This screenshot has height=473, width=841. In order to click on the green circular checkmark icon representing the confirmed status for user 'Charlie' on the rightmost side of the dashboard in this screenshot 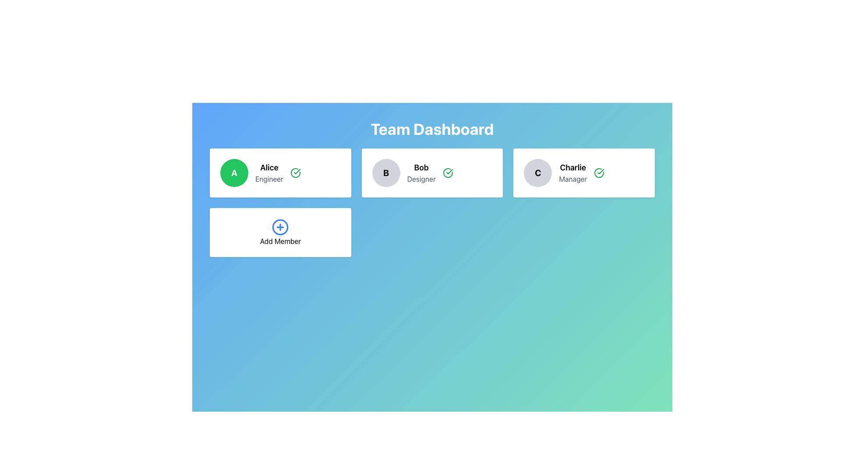, I will do `click(599, 173)`.